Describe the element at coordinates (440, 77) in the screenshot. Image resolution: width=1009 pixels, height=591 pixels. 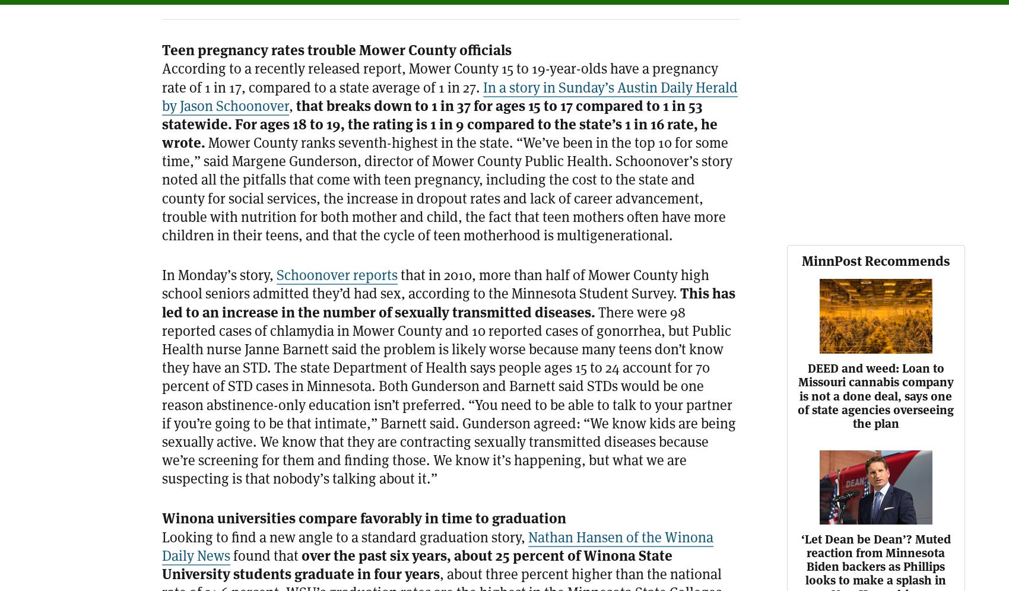
I see `'According to a recently released report, Mower County 15 to 19-year-olds have a pregnancy rate of 1 in 17, compared to a state average of 1 in 27.'` at that location.